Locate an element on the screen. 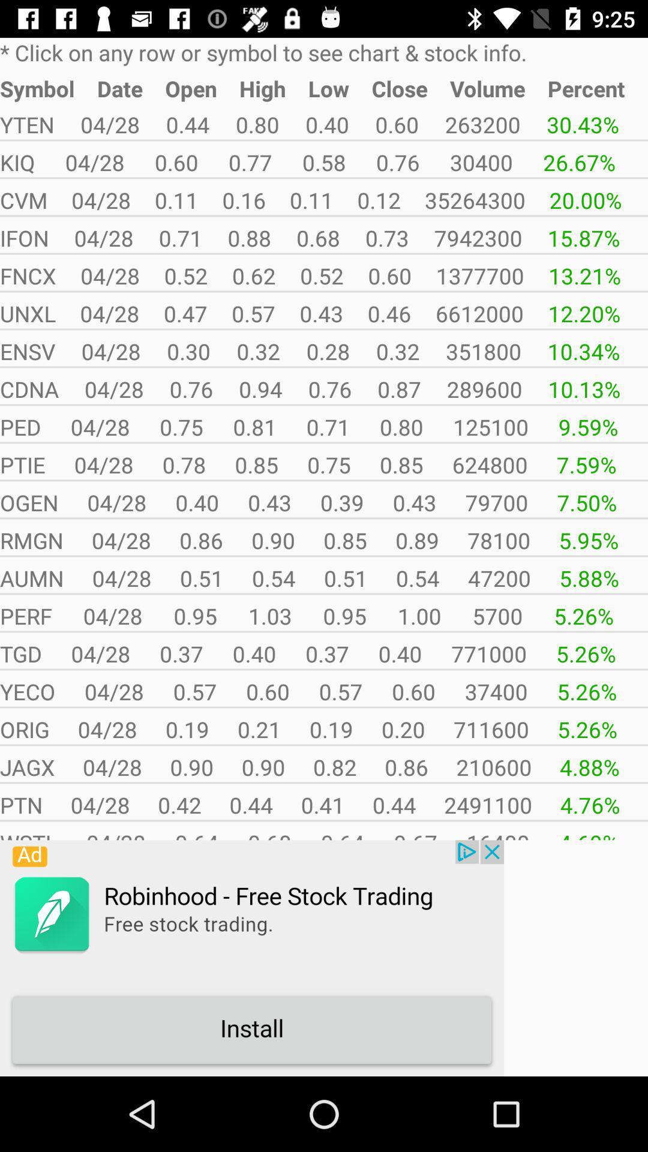  advertisement banner is located at coordinates (251, 958).